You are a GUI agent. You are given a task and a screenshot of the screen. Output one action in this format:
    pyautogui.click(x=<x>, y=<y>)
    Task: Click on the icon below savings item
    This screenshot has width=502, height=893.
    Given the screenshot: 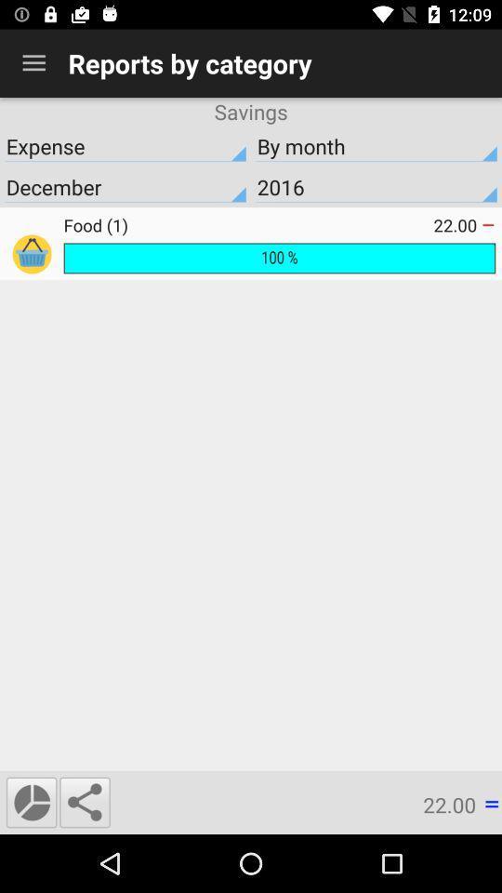 What is the action you would take?
    pyautogui.click(x=376, y=145)
    